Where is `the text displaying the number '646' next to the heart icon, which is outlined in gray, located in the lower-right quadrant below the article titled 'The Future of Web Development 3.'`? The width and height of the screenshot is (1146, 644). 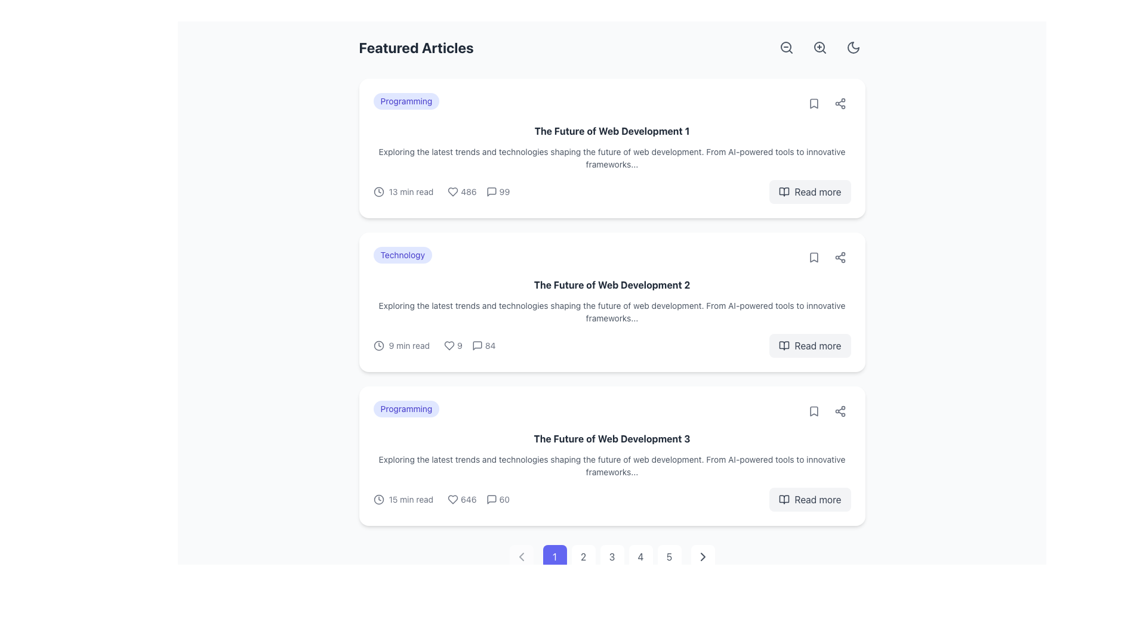
the text displaying the number '646' next to the heart icon, which is outlined in gray, located in the lower-right quadrant below the article titled 'The Future of Web Development 3.' is located at coordinates (461, 499).